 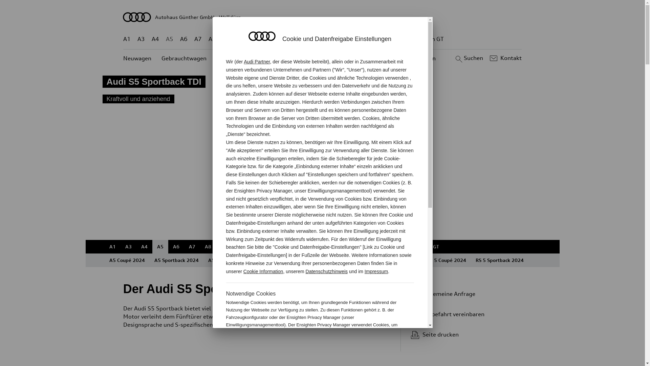 What do you see at coordinates (470, 260) in the screenshot?
I see `'RS 5 Sportback 2024'` at bounding box center [470, 260].